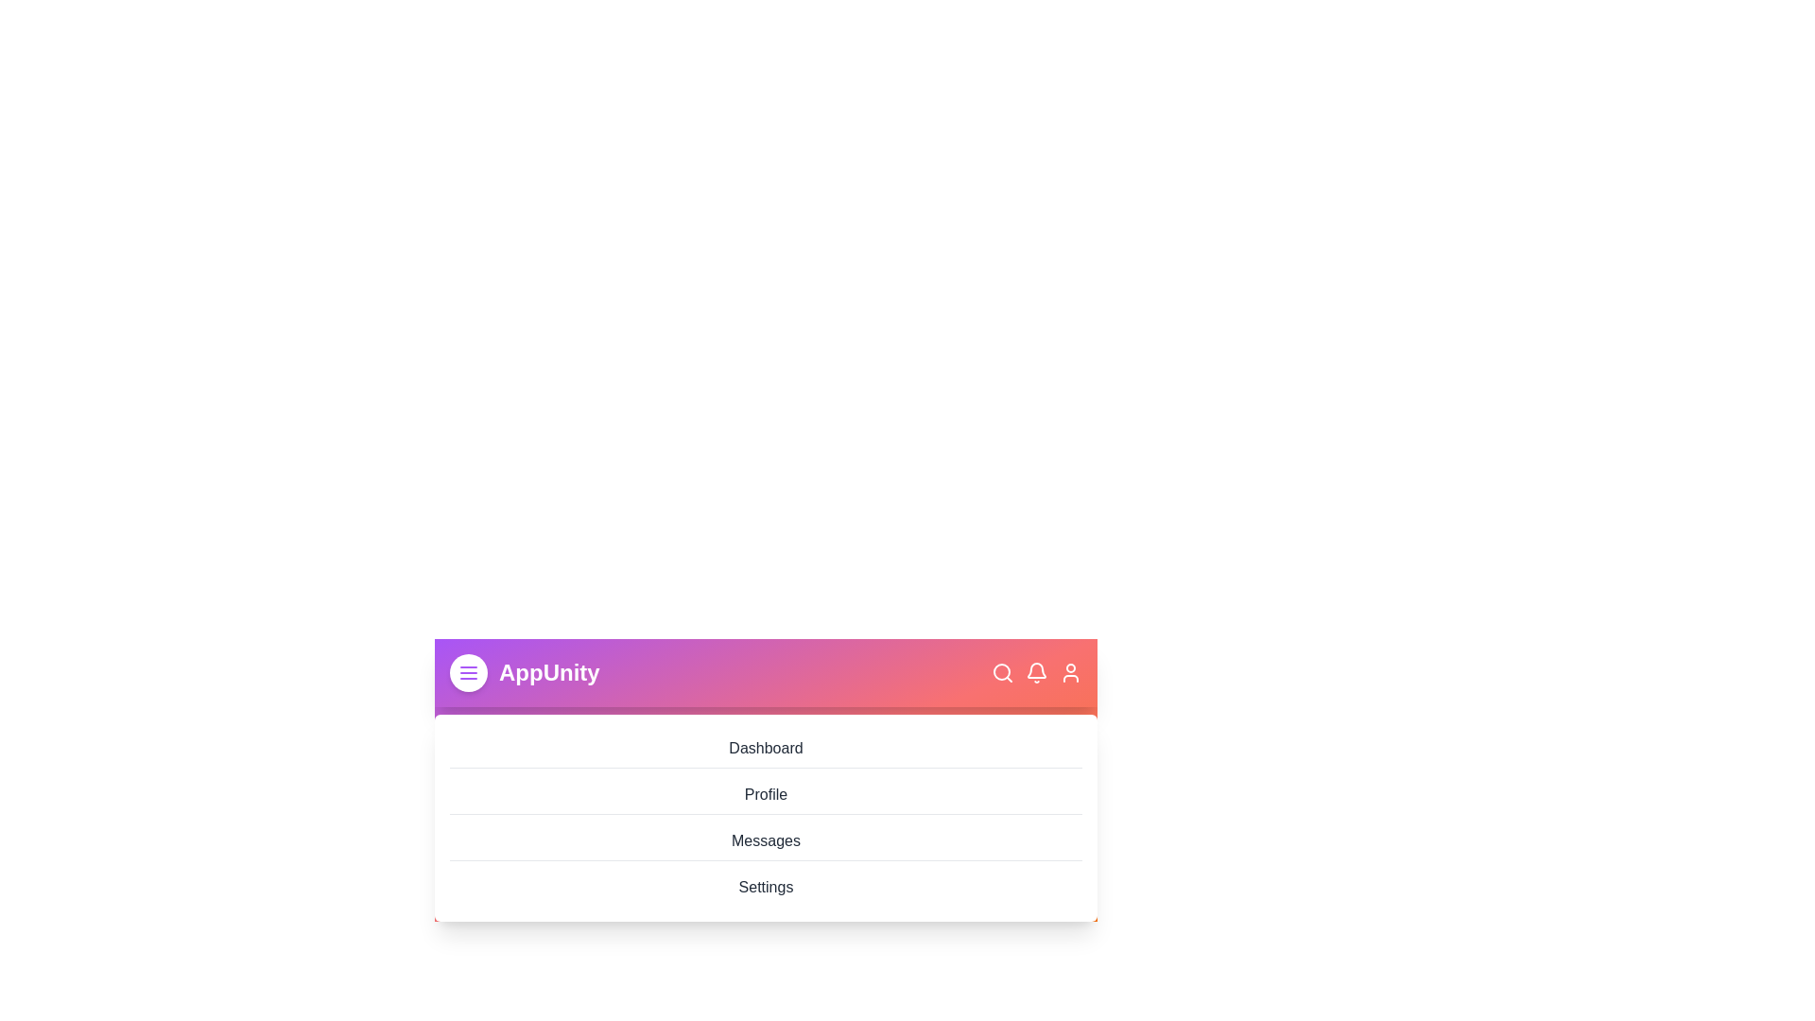 The height and width of the screenshot is (1021, 1815). What do you see at coordinates (468, 672) in the screenshot?
I see `the menu toggle button to change the menu's open/close state` at bounding box center [468, 672].